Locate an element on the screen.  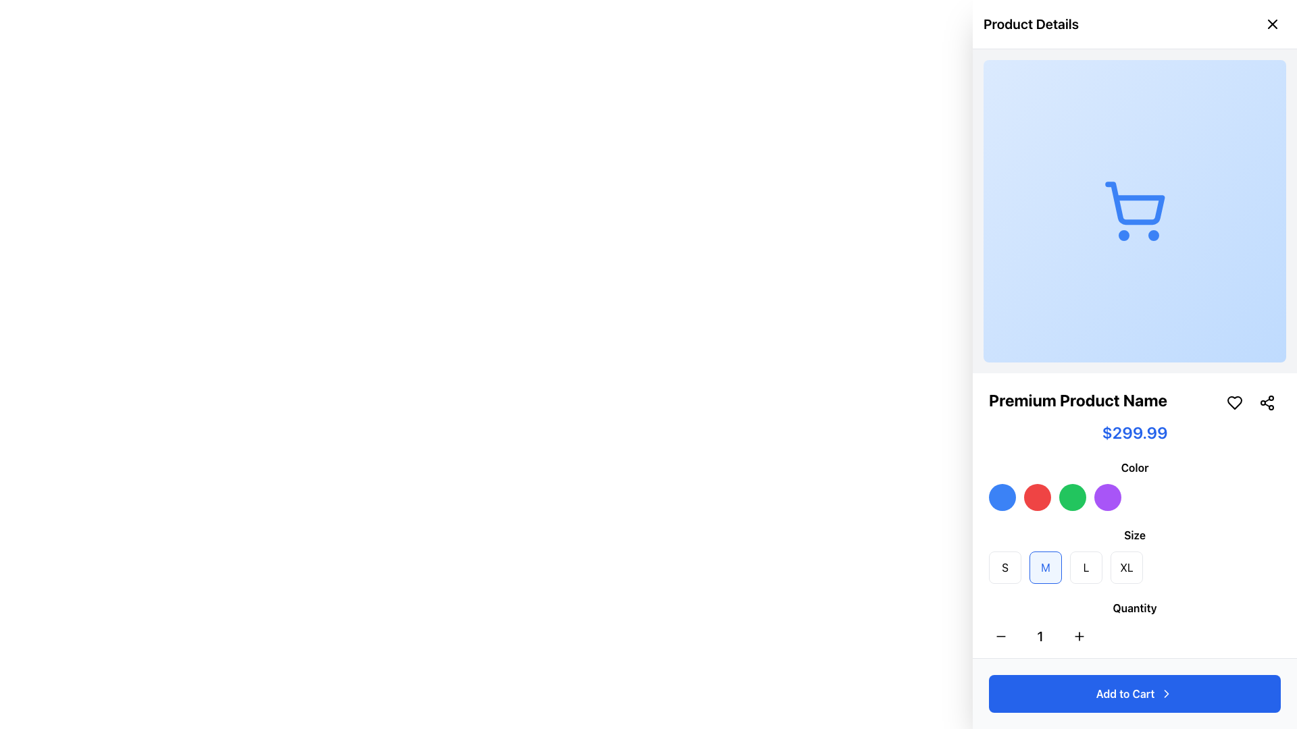
the third circular button styled as a green color swatch is located at coordinates (1072, 497).